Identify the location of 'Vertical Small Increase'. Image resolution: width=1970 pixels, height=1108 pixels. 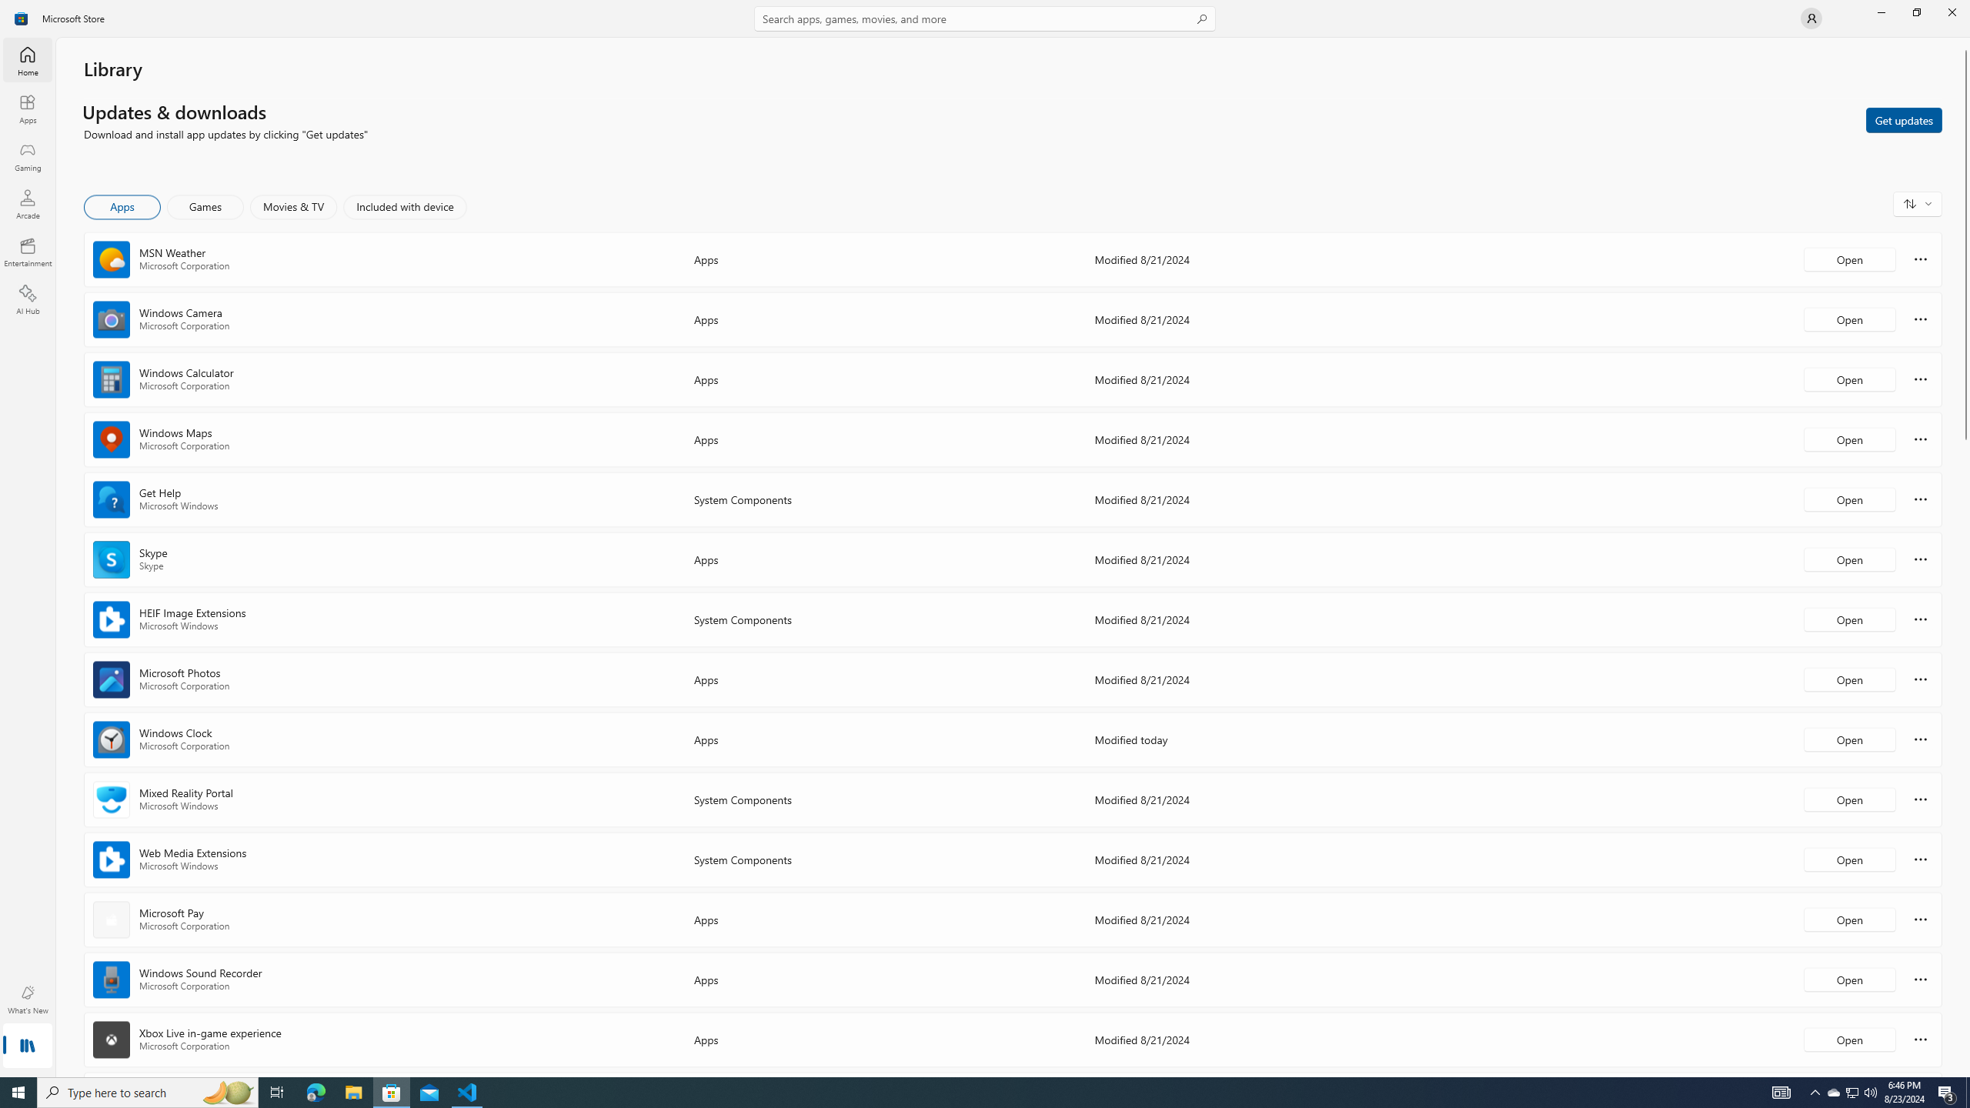
(1964, 1072).